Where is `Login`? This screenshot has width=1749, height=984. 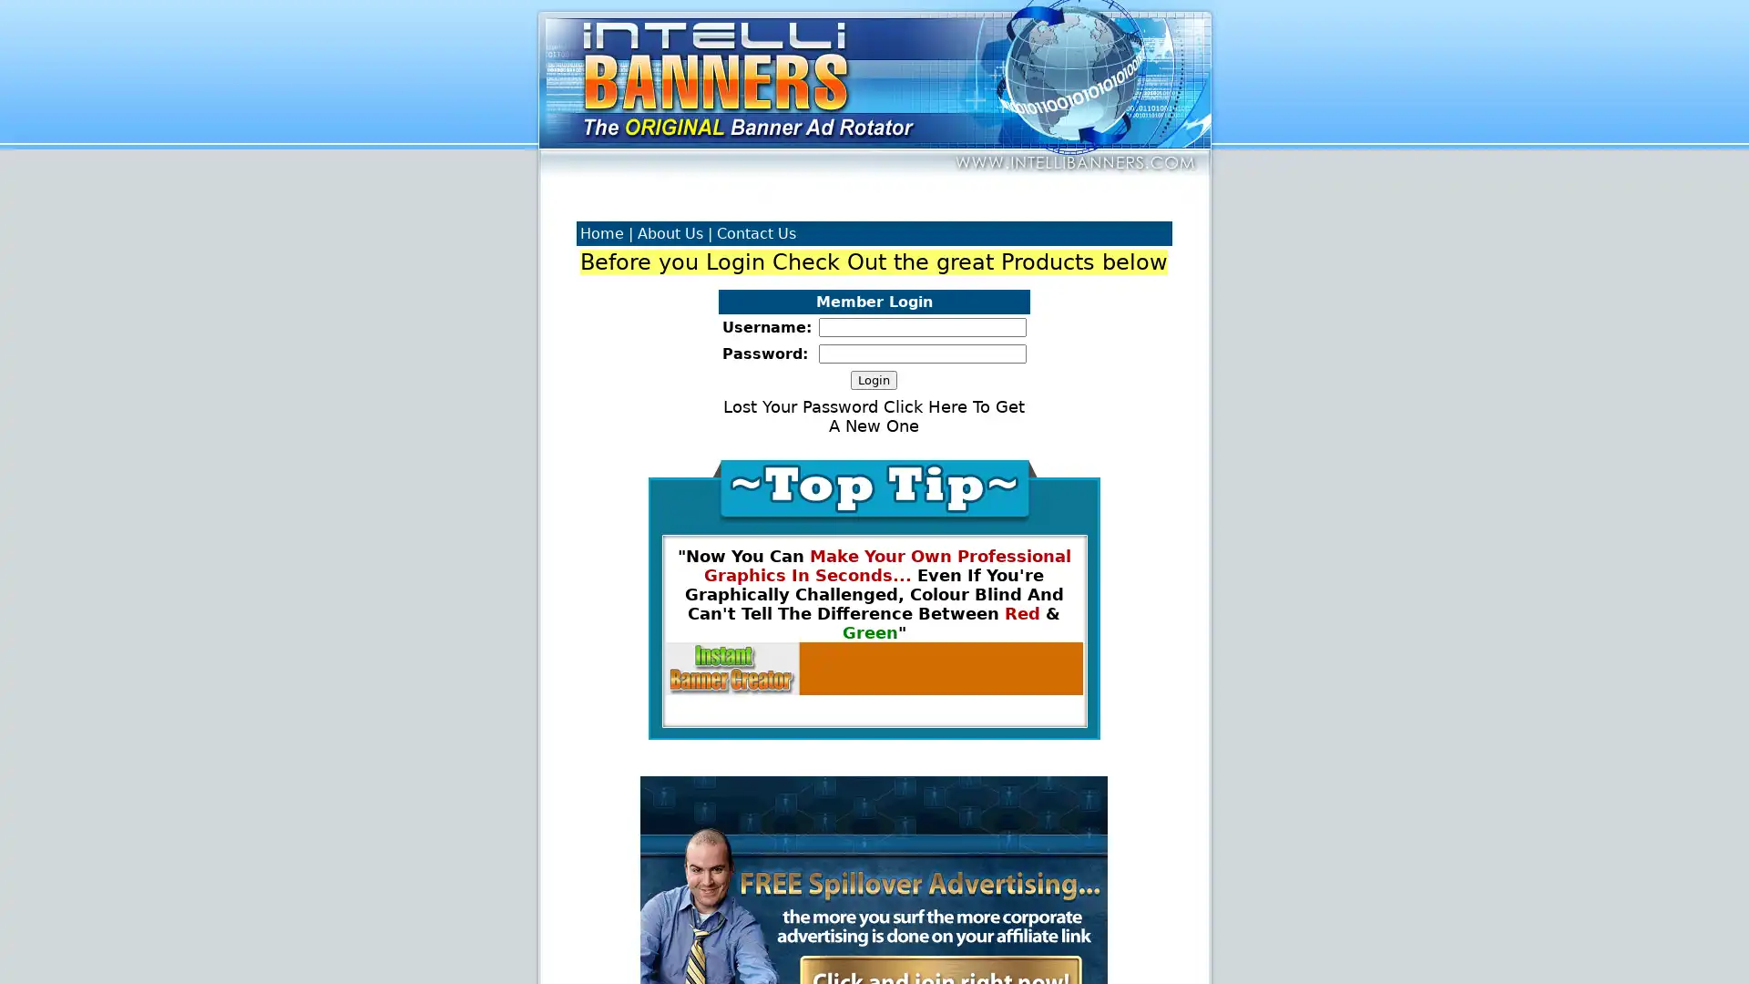
Login is located at coordinates (873, 379).